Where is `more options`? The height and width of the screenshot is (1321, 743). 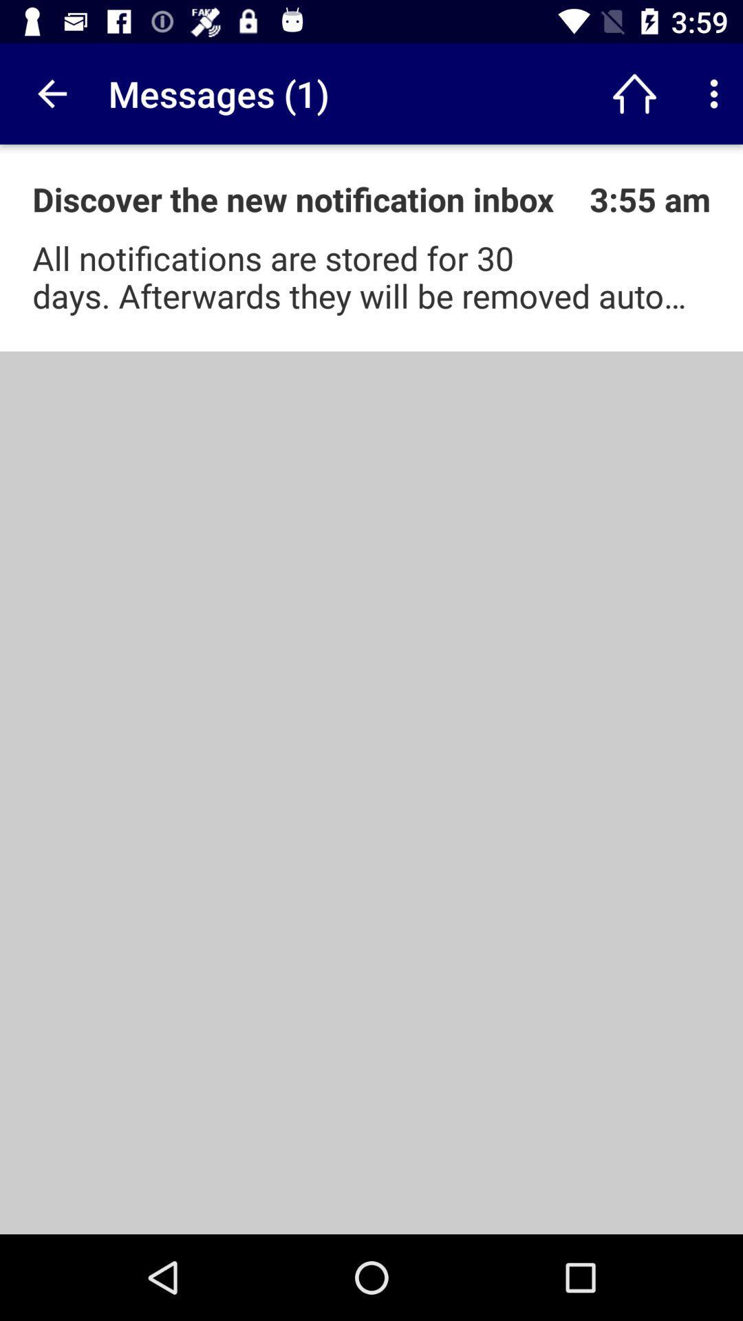 more options is located at coordinates (713, 93).